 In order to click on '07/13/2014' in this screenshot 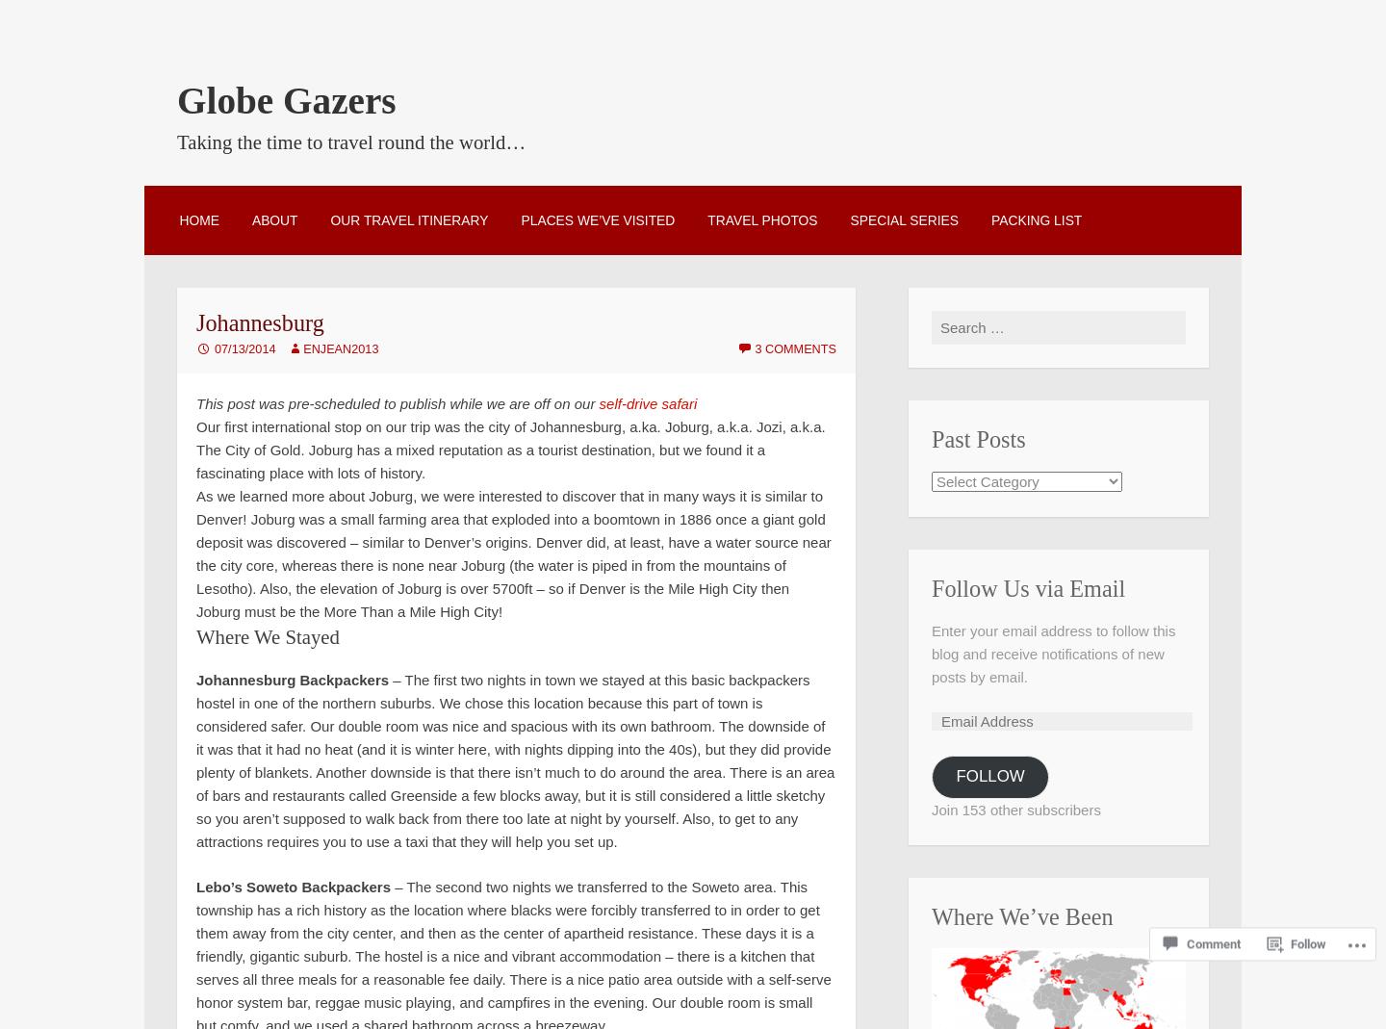, I will do `click(244, 349)`.